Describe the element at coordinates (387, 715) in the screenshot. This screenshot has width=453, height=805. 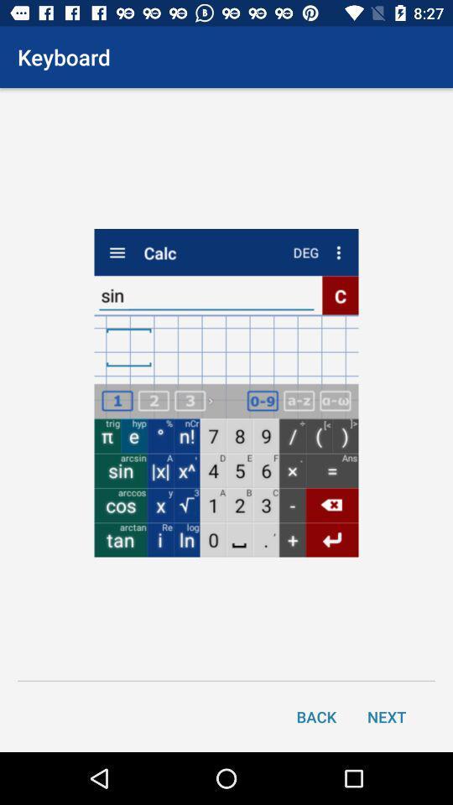
I see `next icon` at that location.